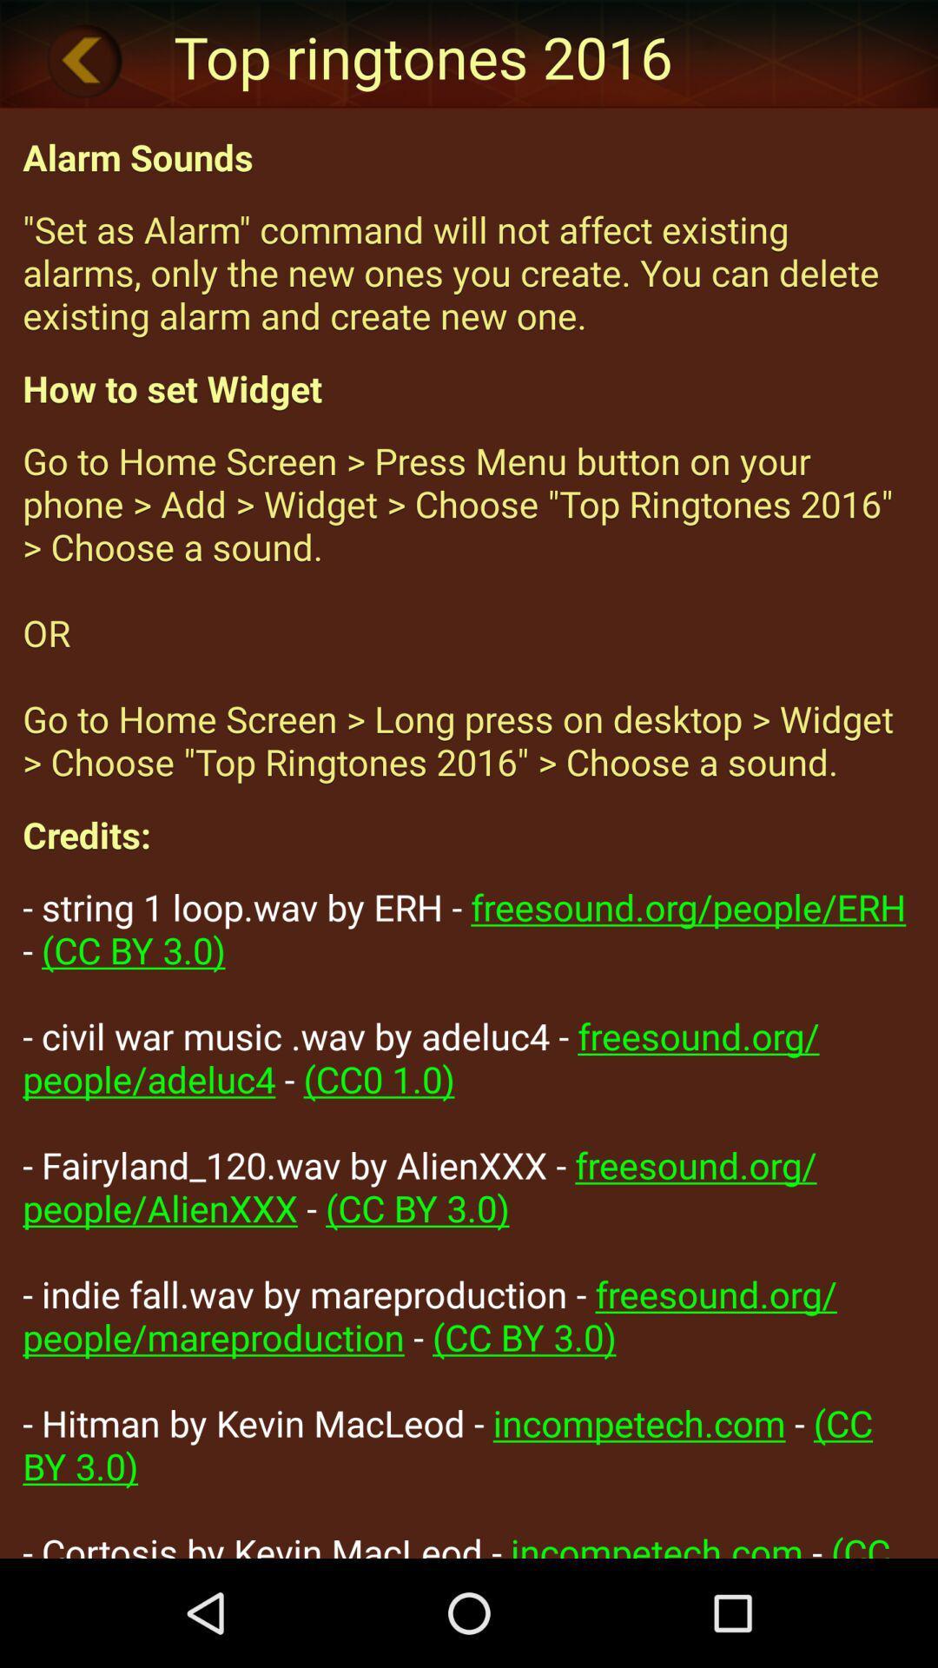 The height and width of the screenshot is (1668, 938). Describe the element at coordinates (84, 60) in the screenshot. I see `button at the top left corner` at that location.